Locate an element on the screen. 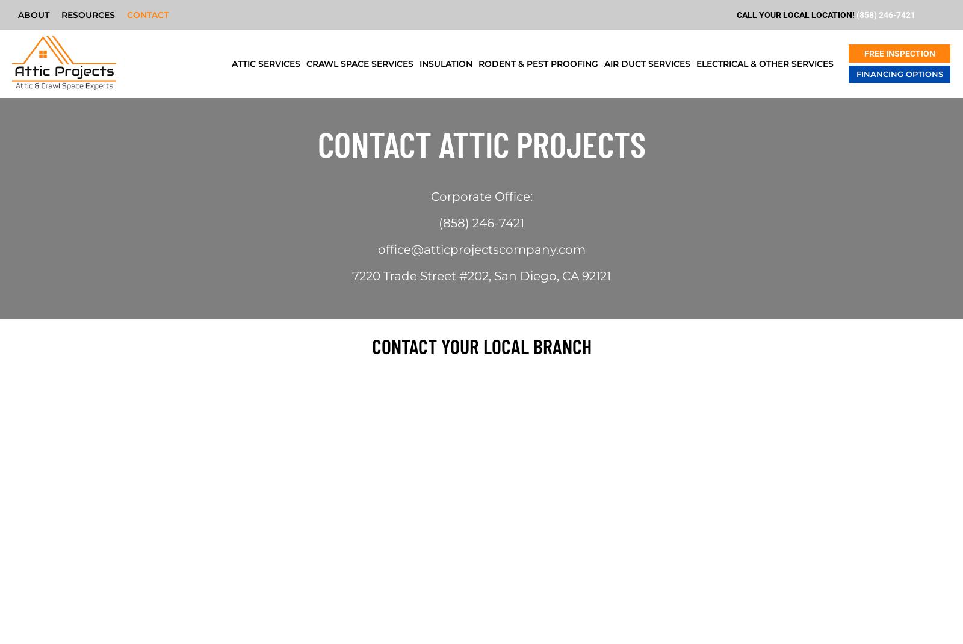  'Attic Services' is located at coordinates (265, 64).